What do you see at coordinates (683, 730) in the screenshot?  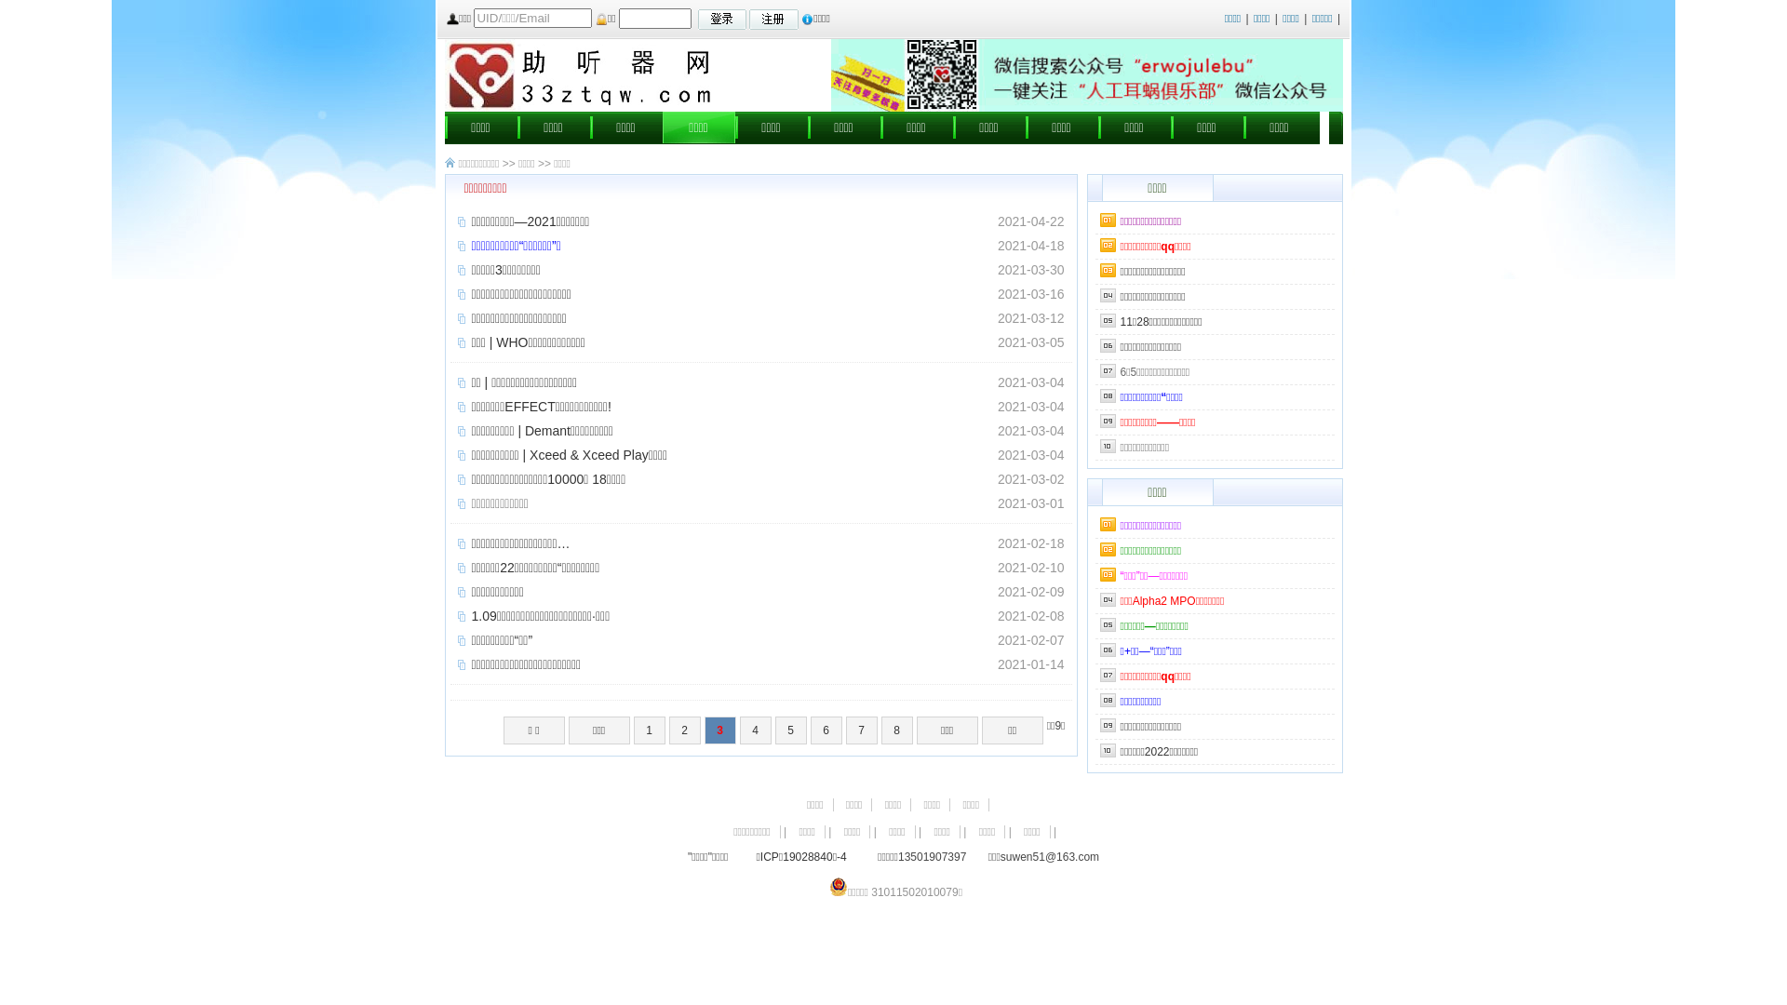 I see `'2'` at bounding box center [683, 730].